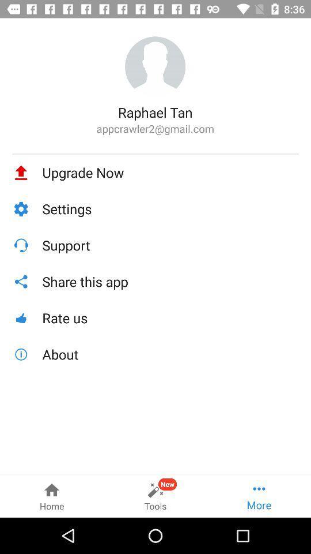 This screenshot has height=554, width=311. Describe the element at coordinates (170, 172) in the screenshot. I see `the upgrade now icon` at that location.